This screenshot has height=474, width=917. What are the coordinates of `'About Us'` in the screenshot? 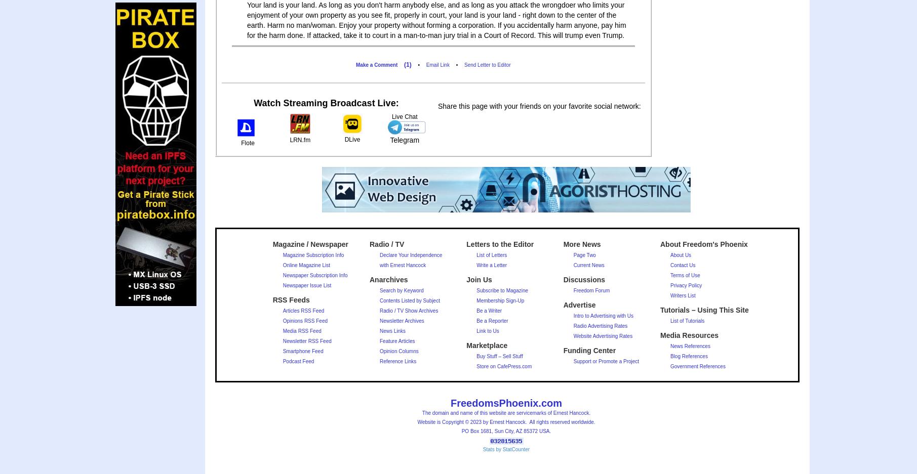 It's located at (680, 255).